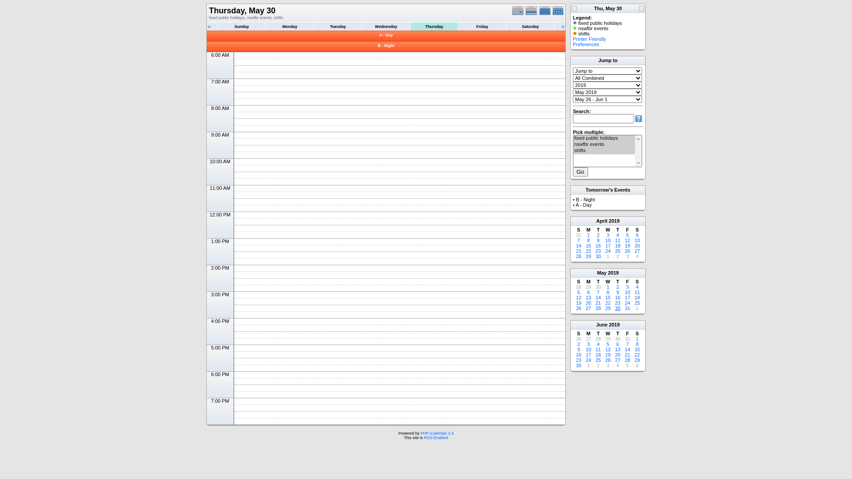 This screenshot has width=852, height=479. I want to click on '20', so click(636, 246).